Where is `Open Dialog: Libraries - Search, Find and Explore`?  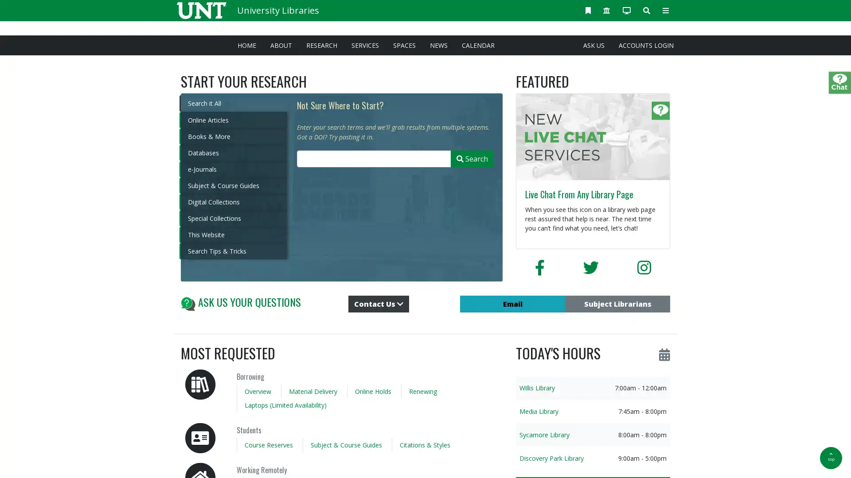 Open Dialog: Libraries - Search, Find and Explore is located at coordinates (647, 10).